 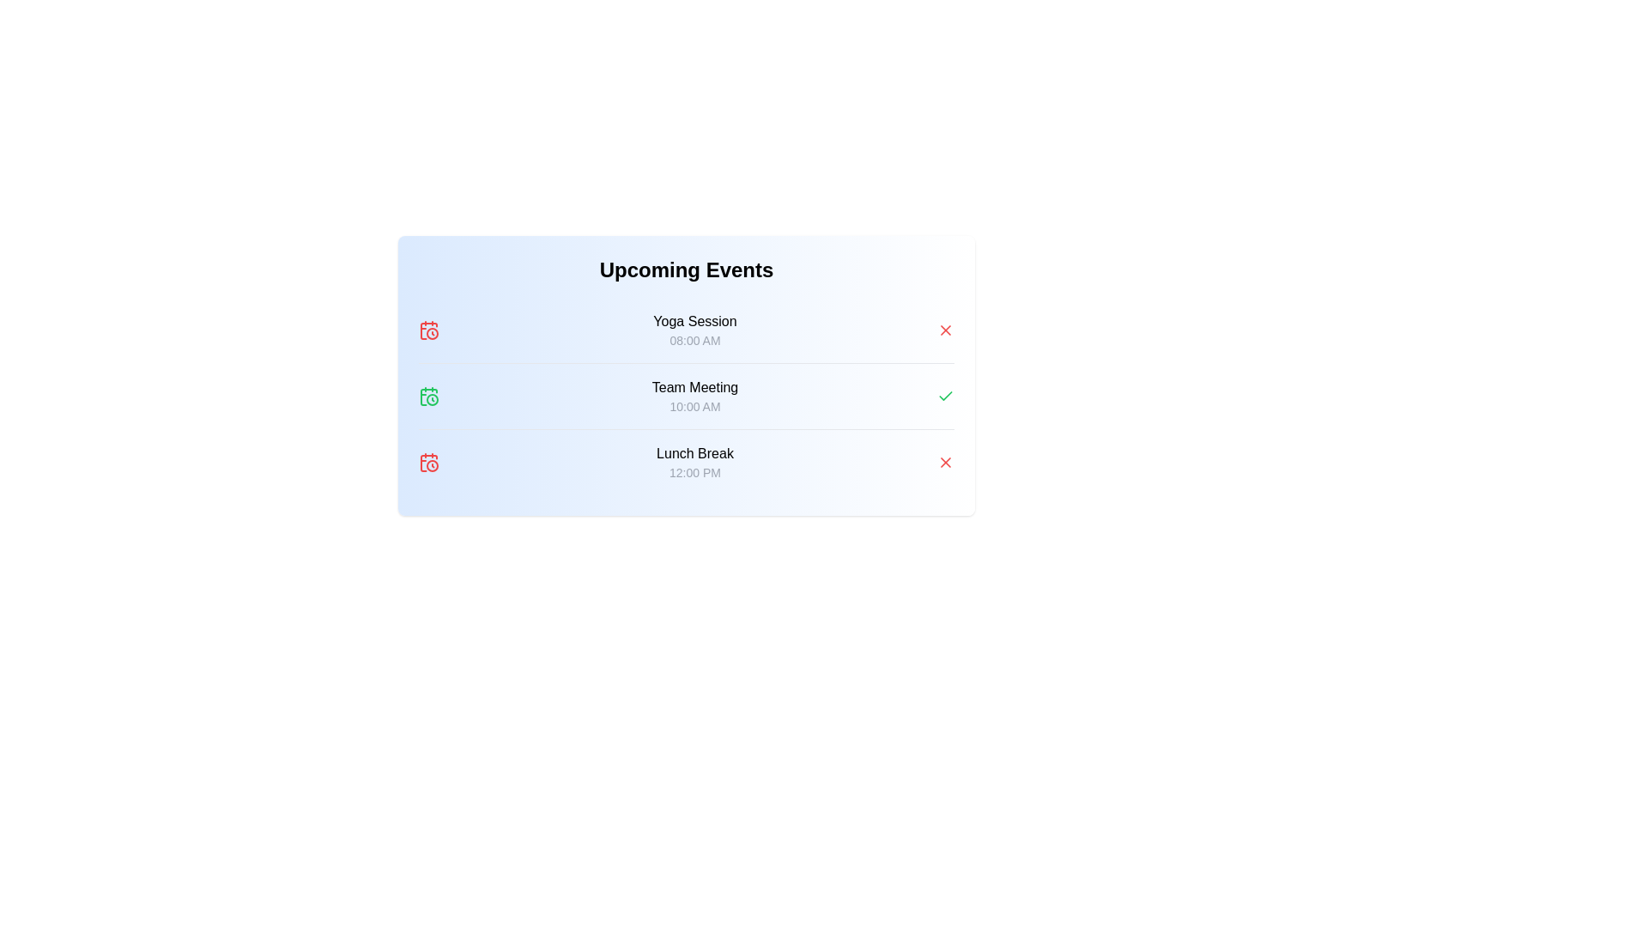 What do you see at coordinates (695, 341) in the screenshot?
I see `the text label displaying '08:00 AM'` at bounding box center [695, 341].